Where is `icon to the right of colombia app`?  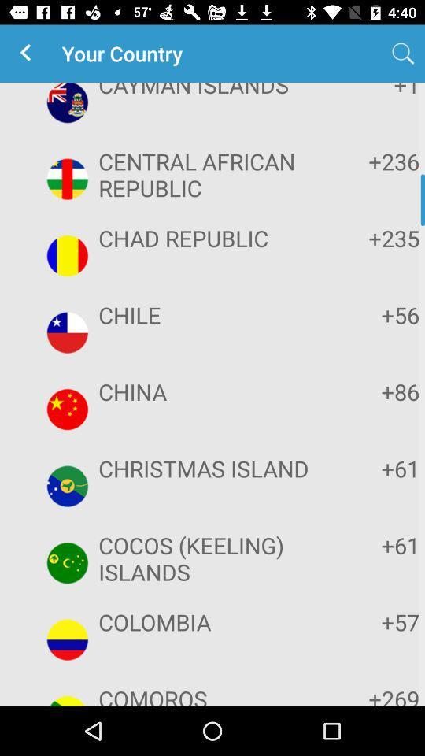 icon to the right of colombia app is located at coordinates (371, 621).